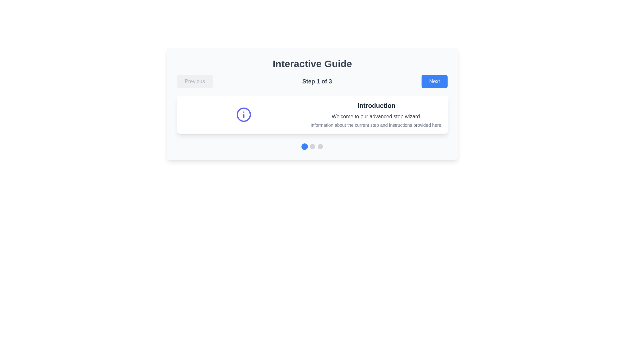 The image size is (625, 352). Describe the element at coordinates (376, 125) in the screenshot. I see `the Text block that provides guidance in the wizard process, located below 'Welcome to our advanced step wizard.'` at that location.